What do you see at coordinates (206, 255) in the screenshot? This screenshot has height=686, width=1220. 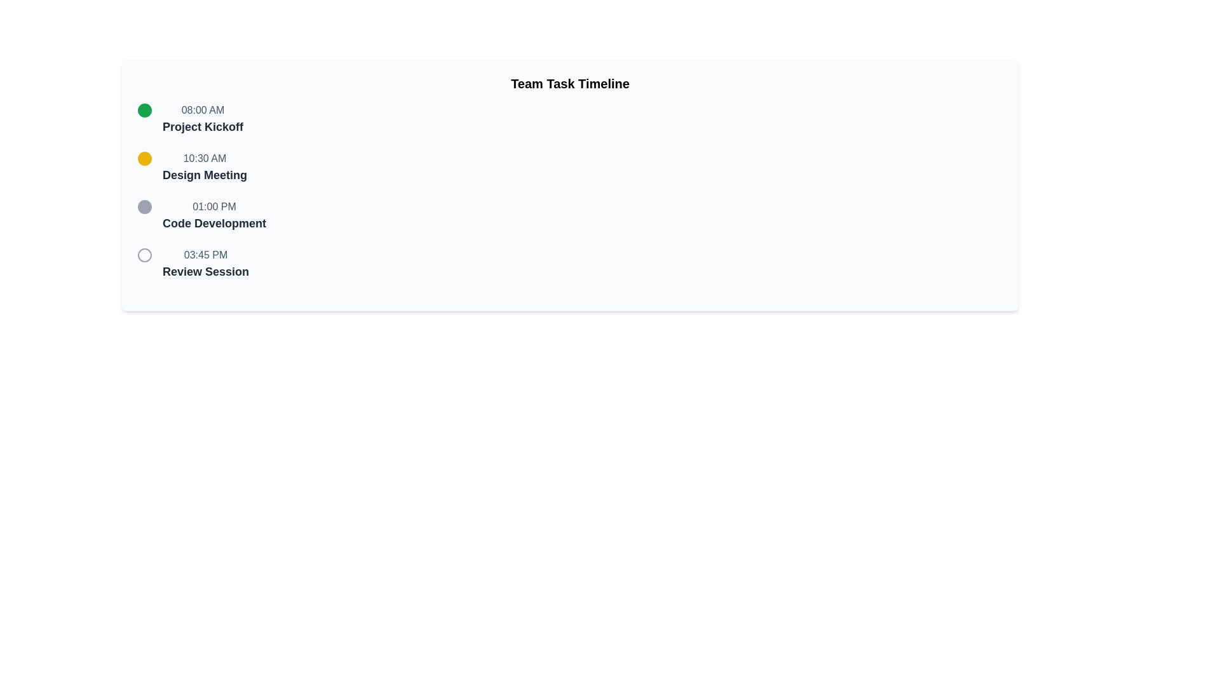 I see `the static text element displaying the time label '03:45 PM', which is styled in gray and positioned above the 'Review Session' label` at bounding box center [206, 255].